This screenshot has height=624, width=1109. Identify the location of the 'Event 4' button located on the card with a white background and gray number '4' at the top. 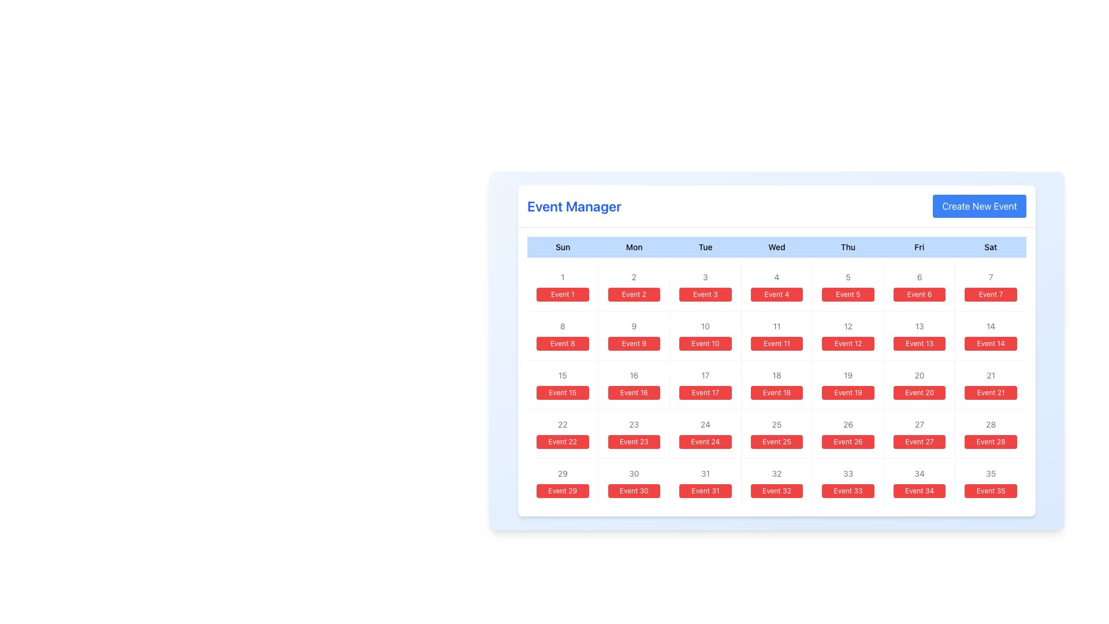
(776, 286).